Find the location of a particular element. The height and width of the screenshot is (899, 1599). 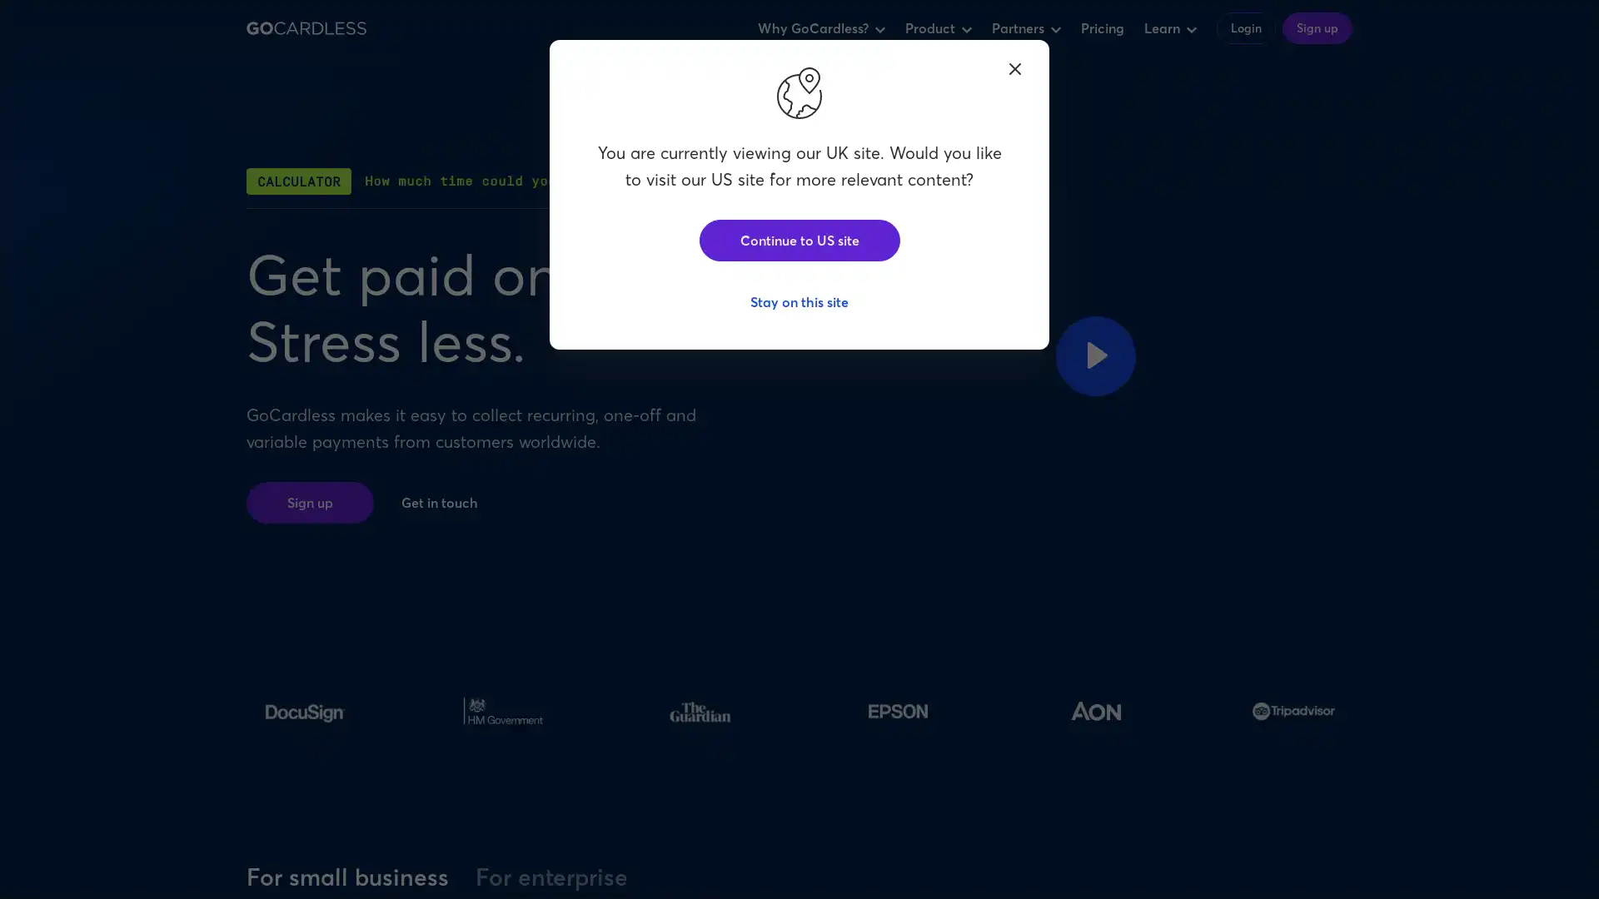

Stay on this site is located at coordinates (799, 301).